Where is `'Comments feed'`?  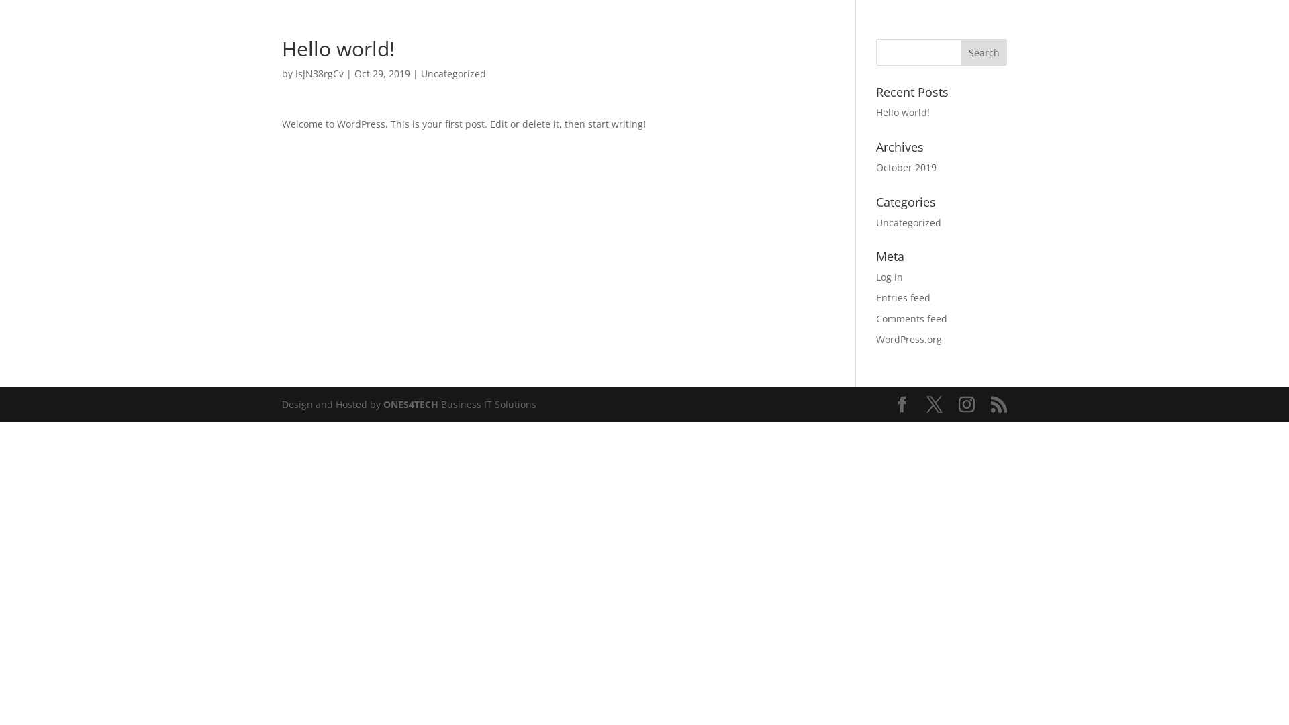 'Comments feed' is located at coordinates (912, 318).